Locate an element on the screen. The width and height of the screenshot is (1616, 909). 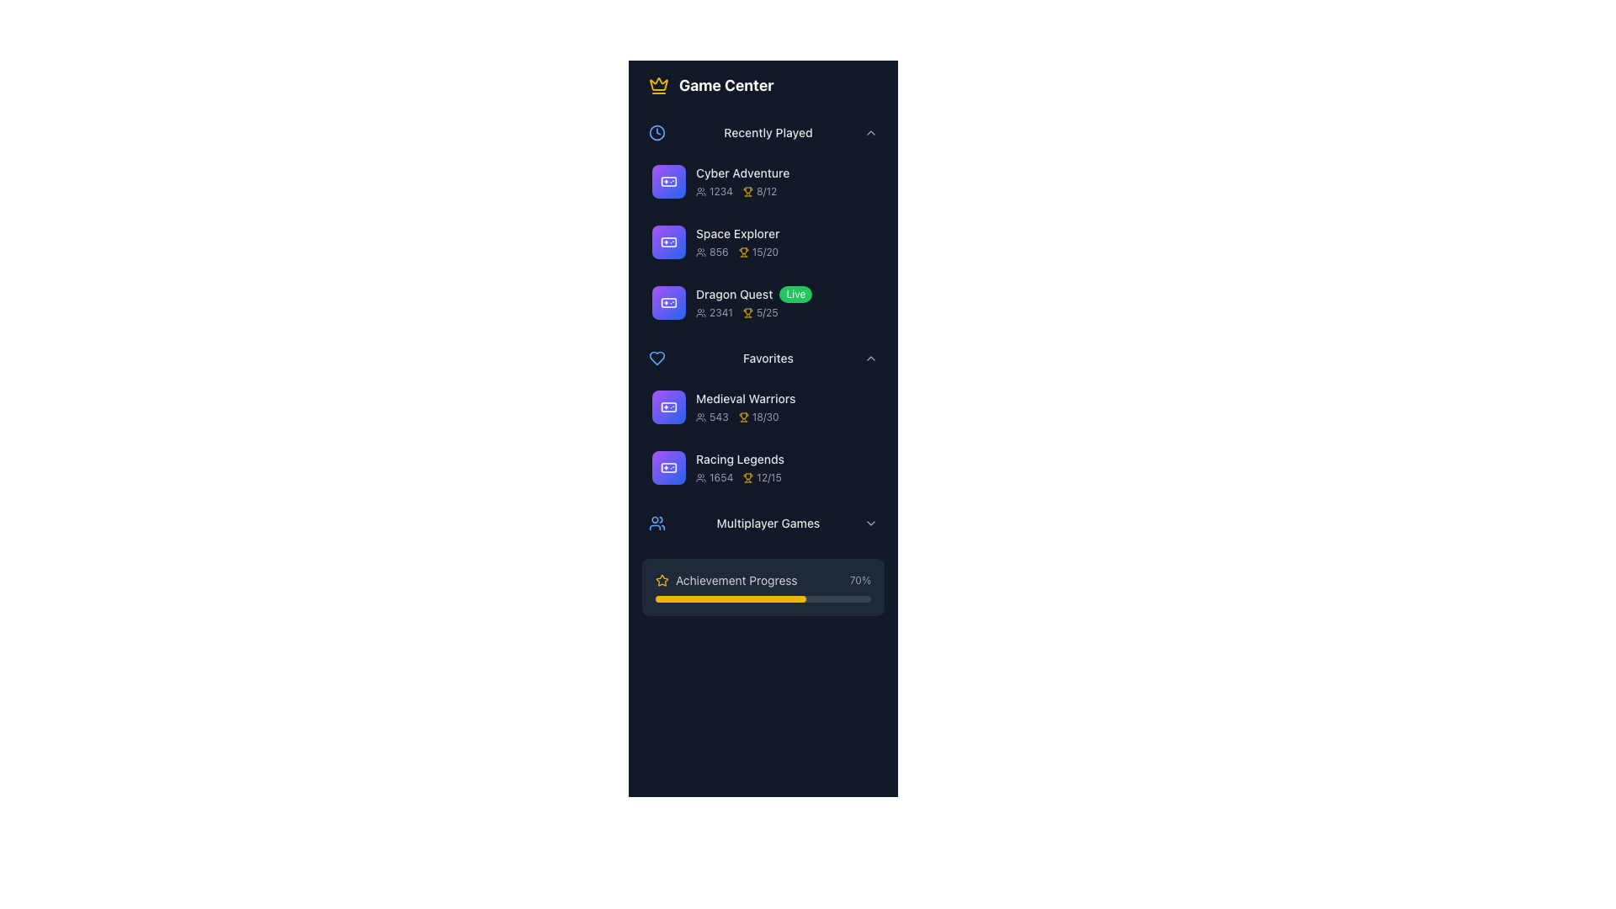
the third list entry in the 'Recently Played' section that presents an overview of the game 'Dragon Quest', located between 'Space Explorer' and 'Medieval Warriors', adjacent to a purple gamepad icon is located at coordinates (784, 301).